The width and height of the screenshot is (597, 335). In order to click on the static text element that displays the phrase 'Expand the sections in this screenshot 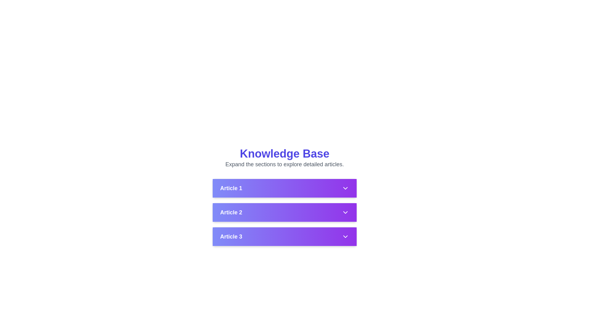, I will do `click(284, 164)`.